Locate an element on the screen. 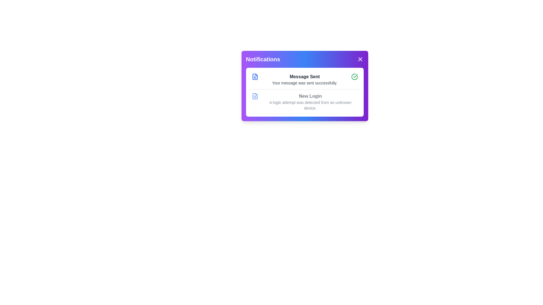 This screenshot has height=305, width=543. informational text that states 'A login attempt was detected from an unknown device.' located beneath the bold title 'New Login' within the notification card is located at coordinates (310, 105).